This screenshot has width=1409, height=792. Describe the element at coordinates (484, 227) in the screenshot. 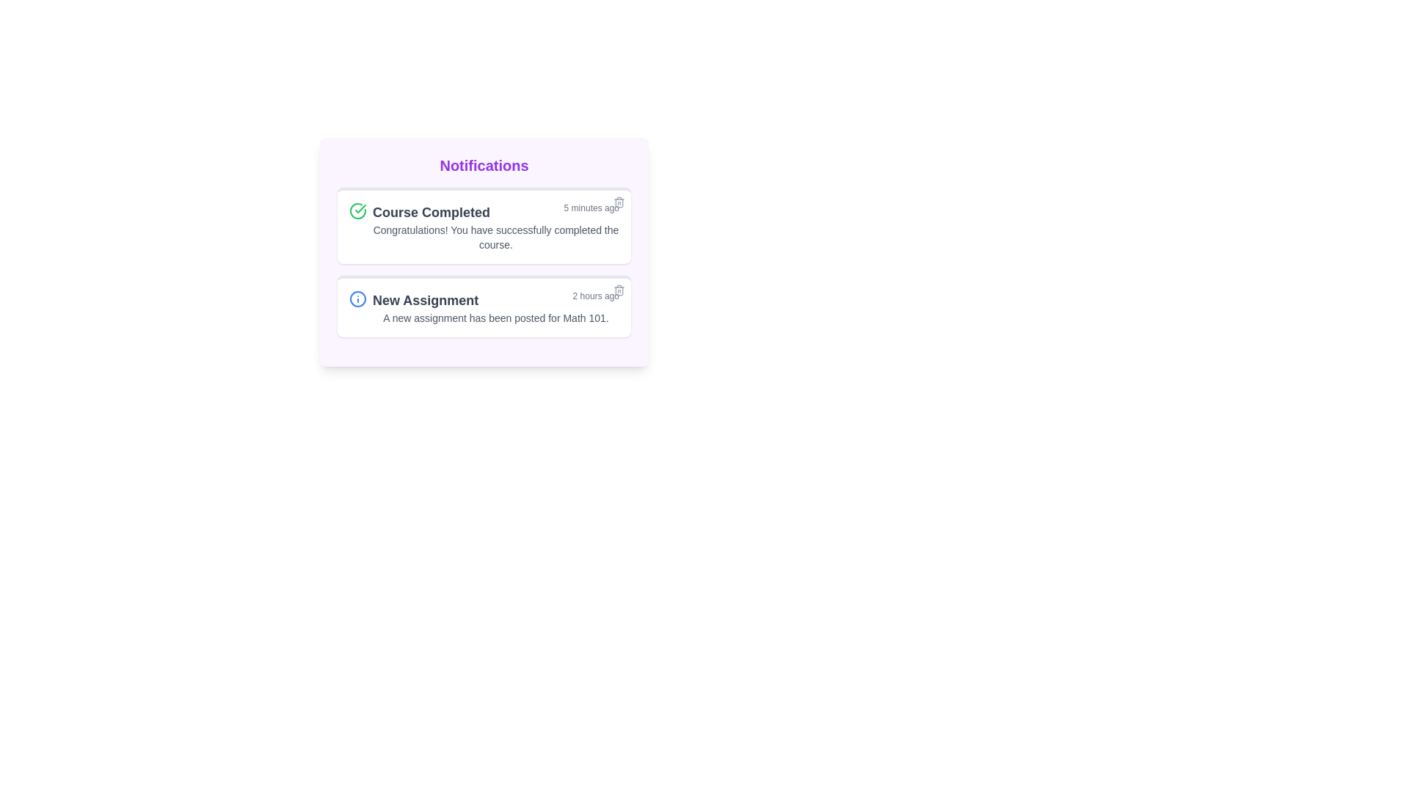

I see `the information displayed in the Notification card that indicates a completed course achievement, located in the top section of the notifications panel` at that location.